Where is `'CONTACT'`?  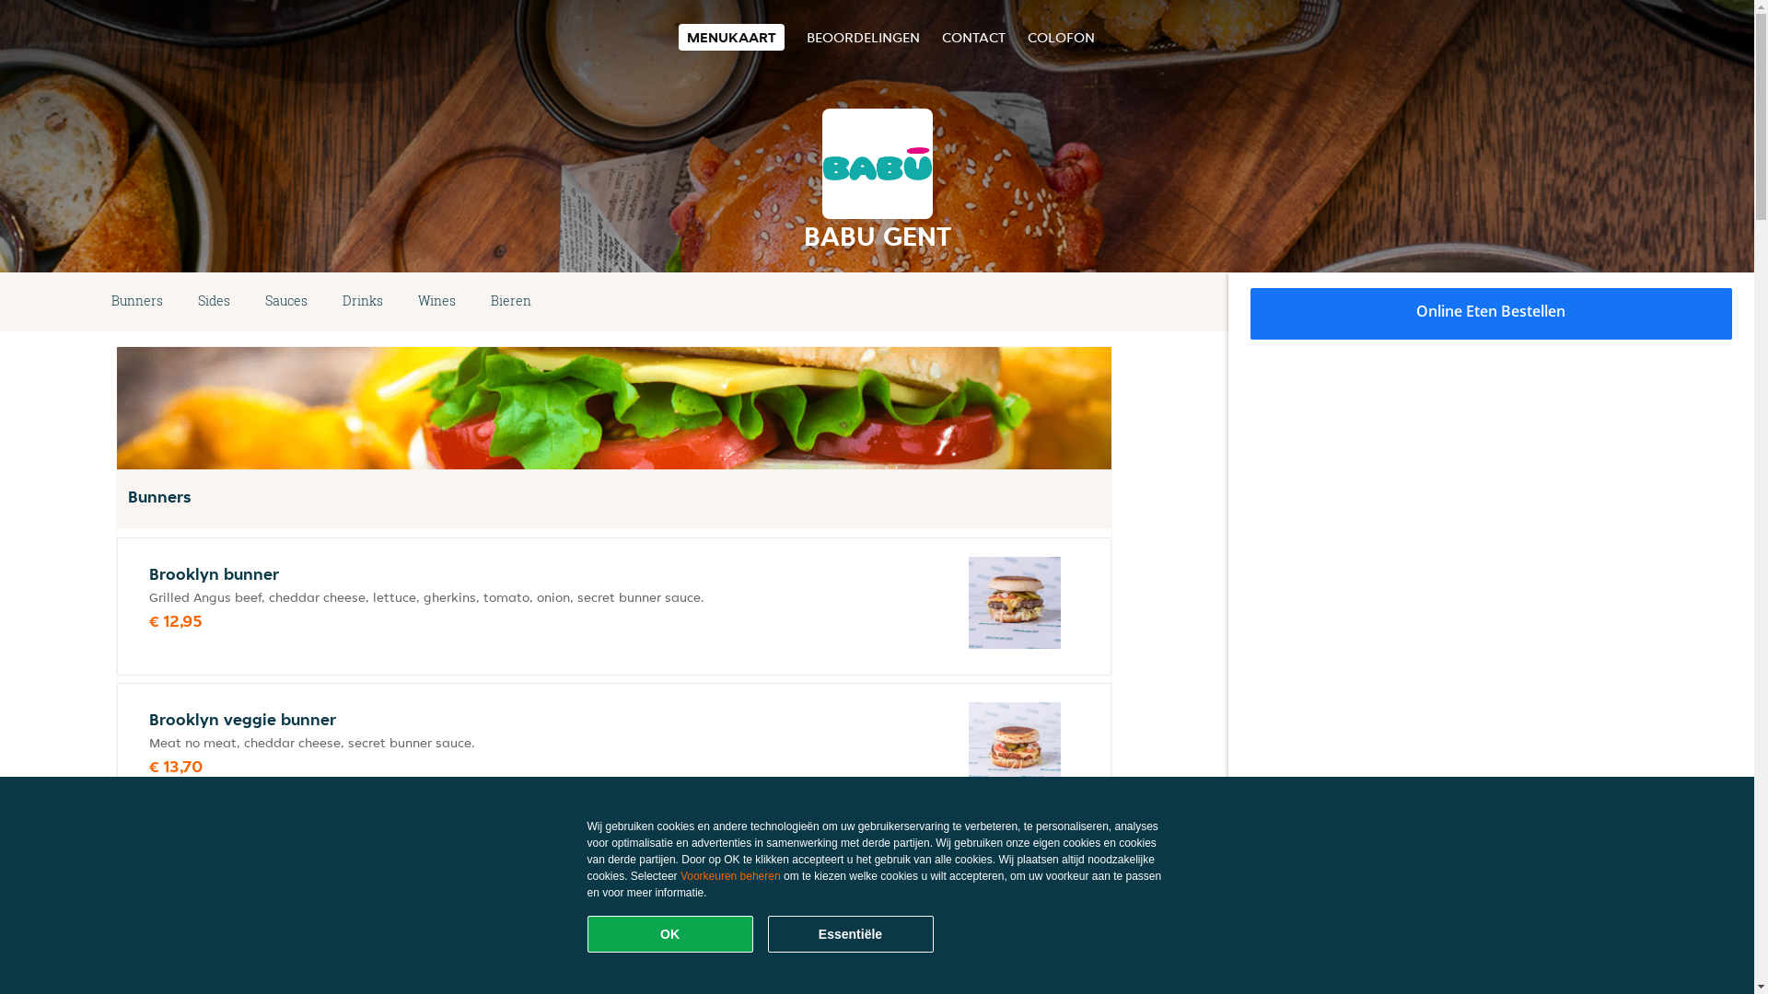 'CONTACT' is located at coordinates (971, 37).